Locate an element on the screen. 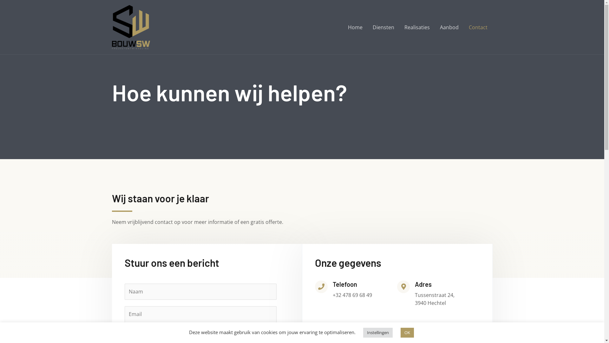  'Diensten' is located at coordinates (383, 26).